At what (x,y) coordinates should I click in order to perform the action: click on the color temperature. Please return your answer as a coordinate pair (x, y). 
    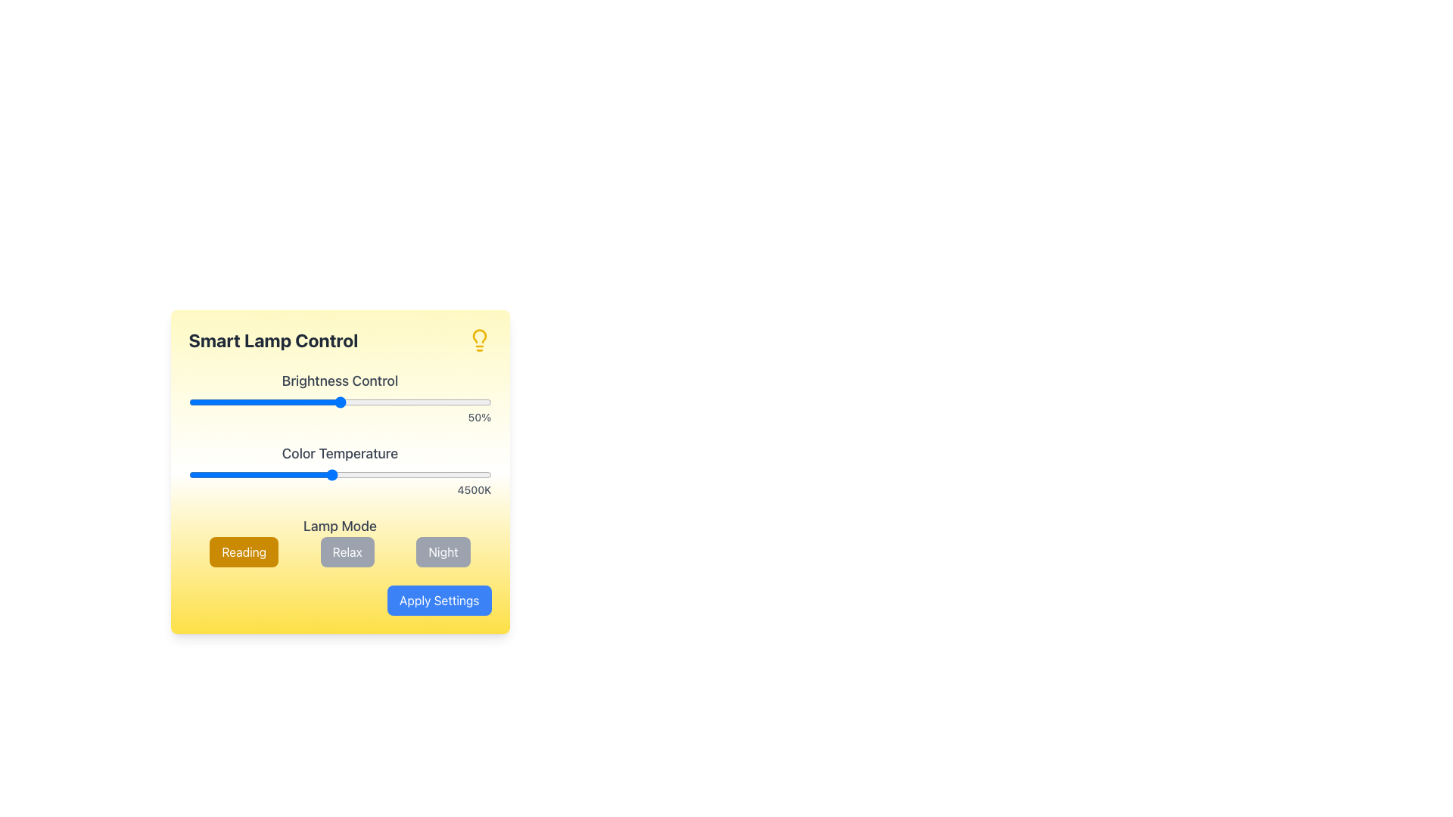
    Looking at the image, I should click on (338, 474).